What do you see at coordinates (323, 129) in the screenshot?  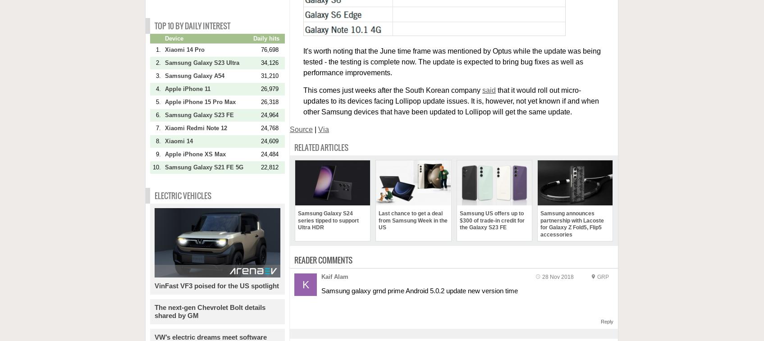 I see `'Via'` at bounding box center [323, 129].